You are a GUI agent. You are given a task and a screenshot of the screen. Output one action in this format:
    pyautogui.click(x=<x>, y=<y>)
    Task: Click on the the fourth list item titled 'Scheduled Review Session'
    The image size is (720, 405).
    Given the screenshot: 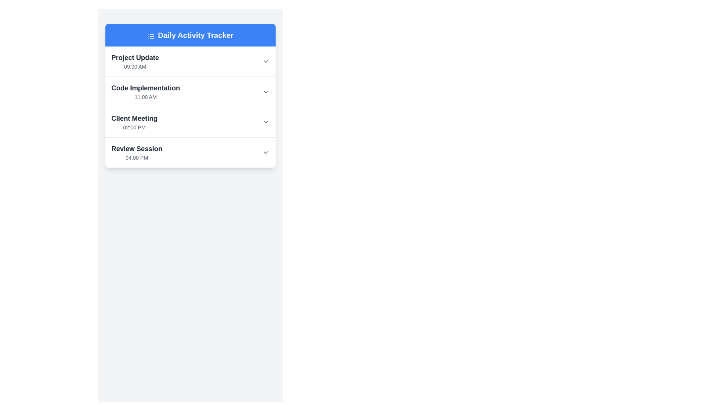 What is the action you would take?
    pyautogui.click(x=190, y=152)
    